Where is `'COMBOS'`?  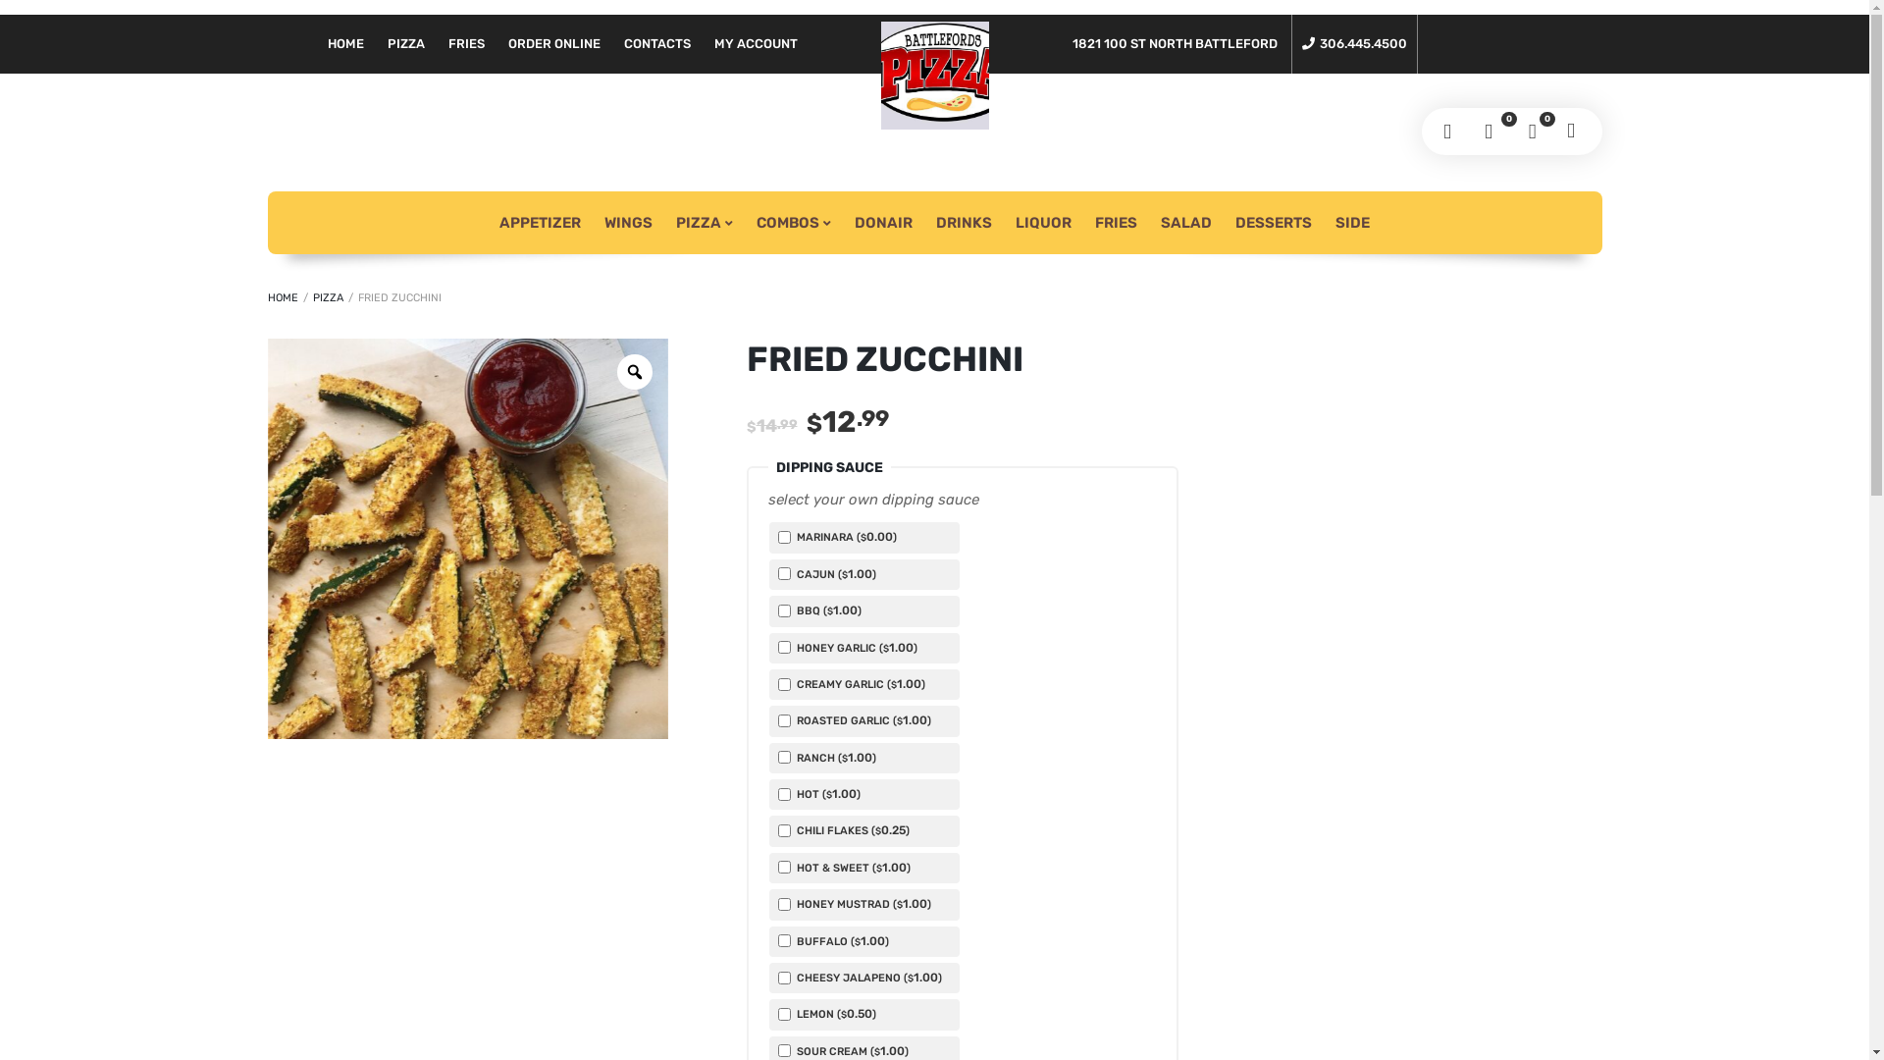 'COMBOS' is located at coordinates (794, 222).